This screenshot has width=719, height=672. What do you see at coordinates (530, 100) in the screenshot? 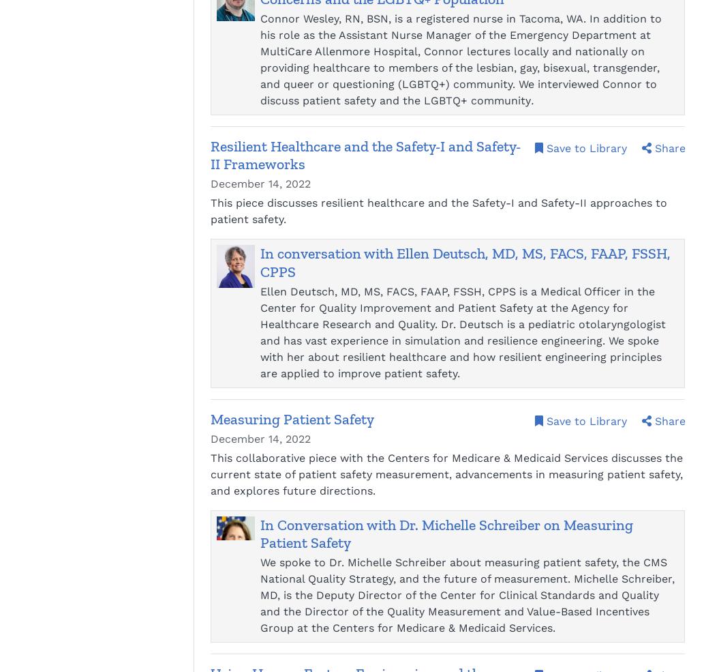
I see `'.'` at bounding box center [530, 100].